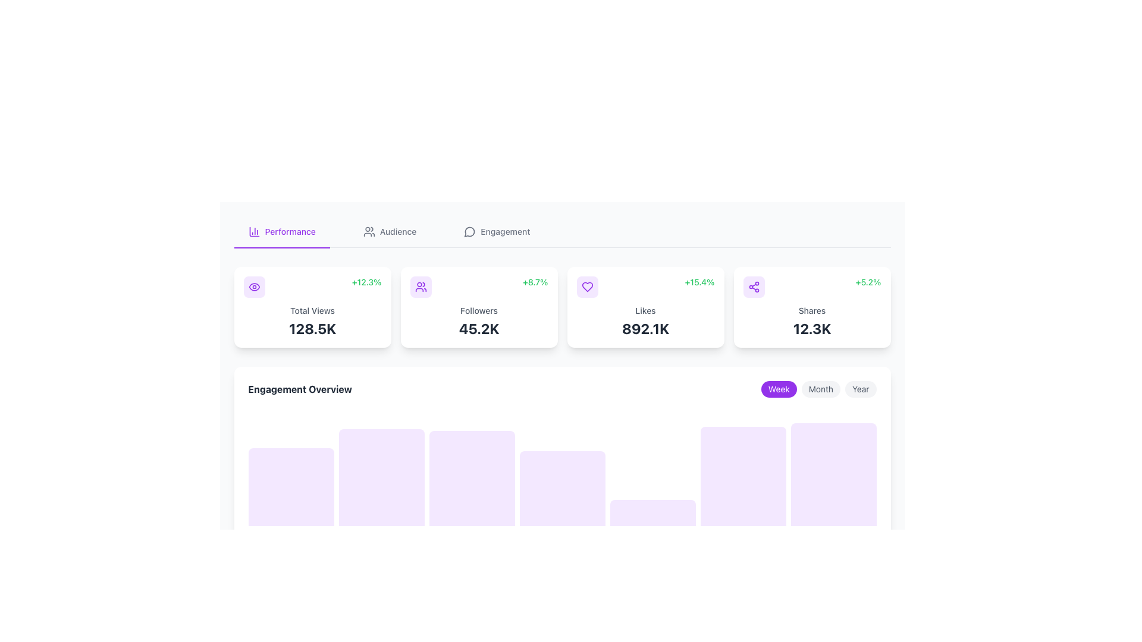 The height and width of the screenshot is (642, 1142). I want to click on the 'Month' button, which is a rounded rectangular button with a light gray background and darker gray text, positioned between the 'Week' button (highlighted in purple) and the 'Year' button in a horizontal group near the top-right corner of the engagement chart, so click(820, 389).